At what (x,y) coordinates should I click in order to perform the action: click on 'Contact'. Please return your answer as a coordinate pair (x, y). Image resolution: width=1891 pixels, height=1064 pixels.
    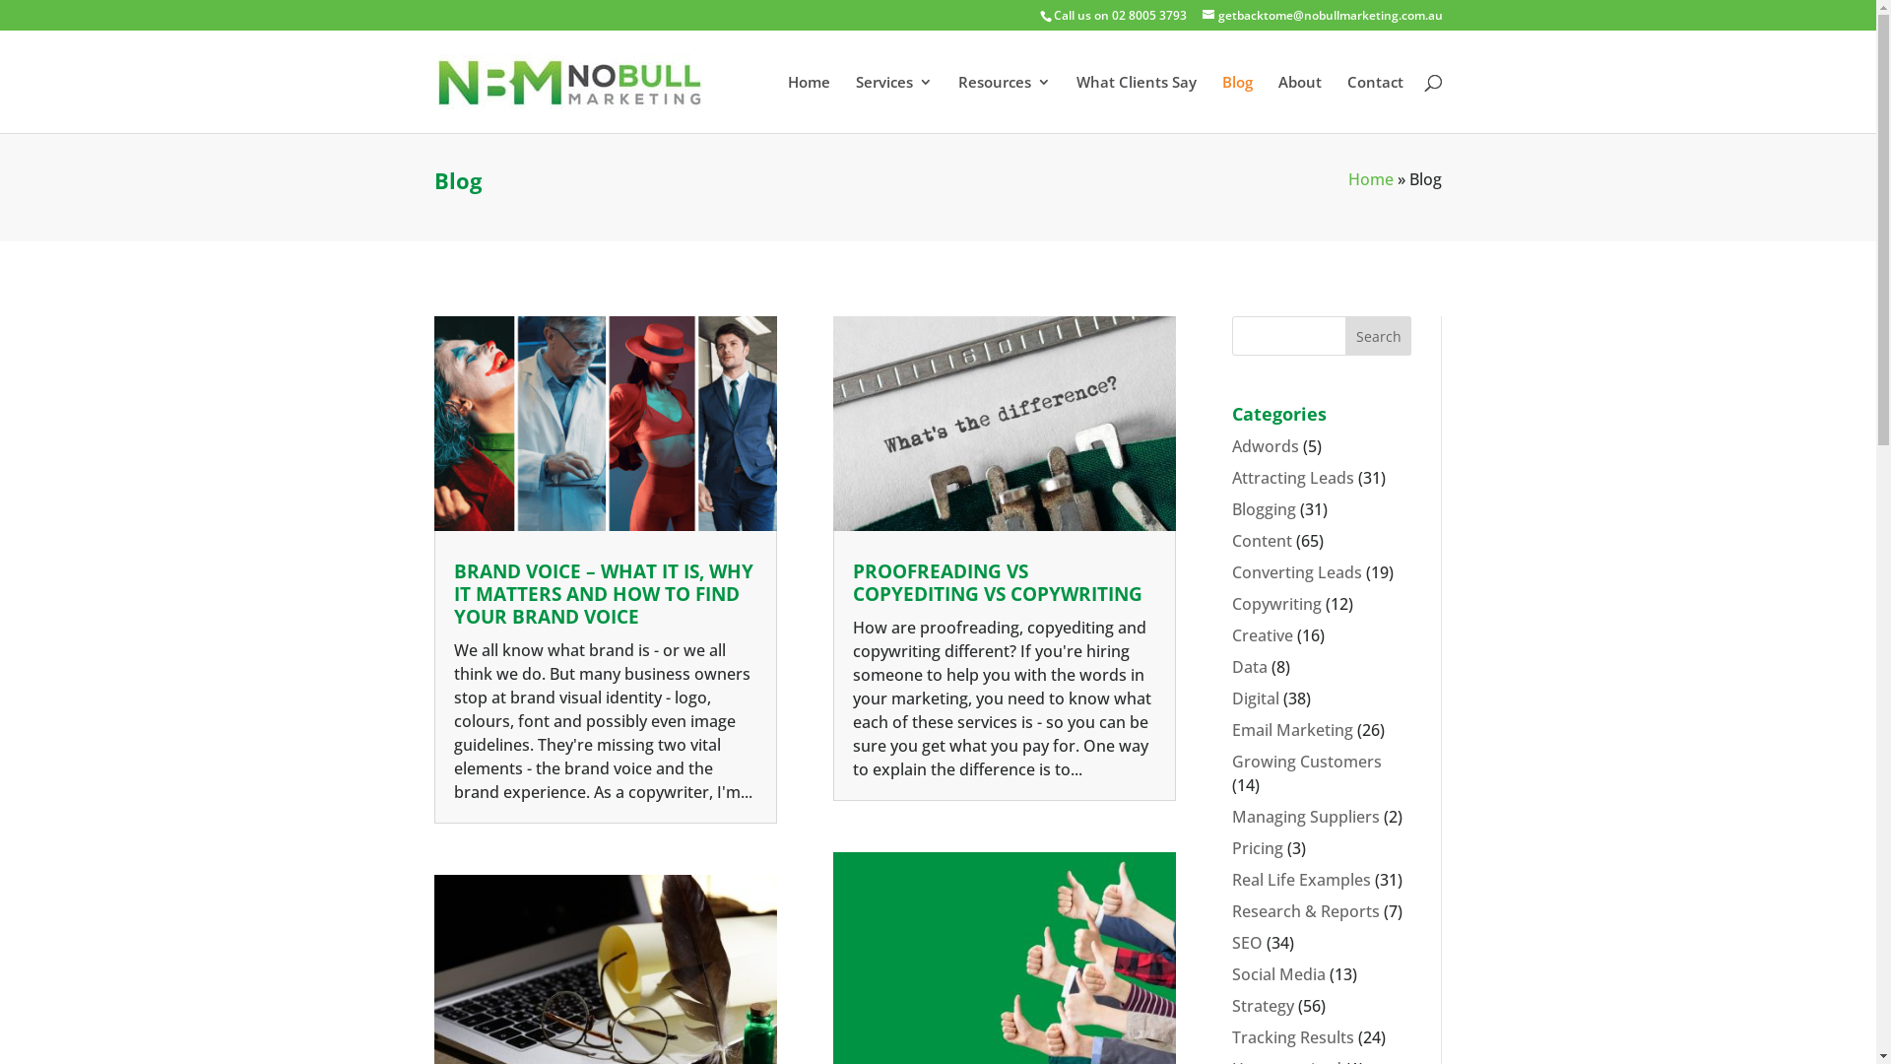
    Looking at the image, I should click on (1374, 103).